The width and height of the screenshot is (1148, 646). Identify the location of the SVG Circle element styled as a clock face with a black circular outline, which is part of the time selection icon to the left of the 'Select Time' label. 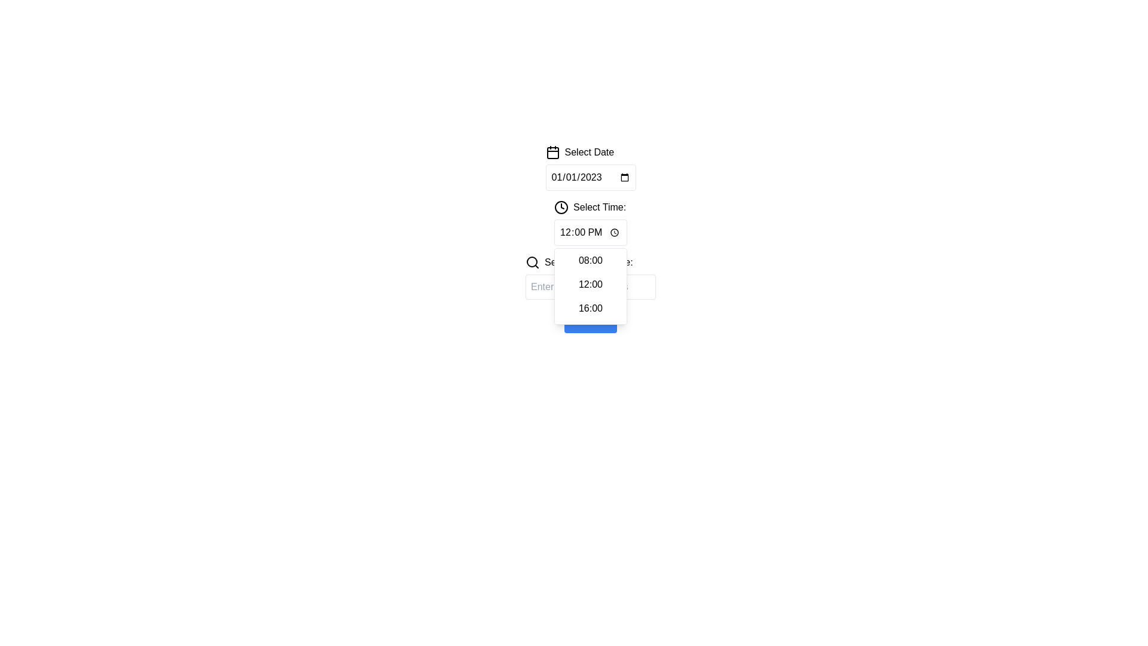
(561, 207).